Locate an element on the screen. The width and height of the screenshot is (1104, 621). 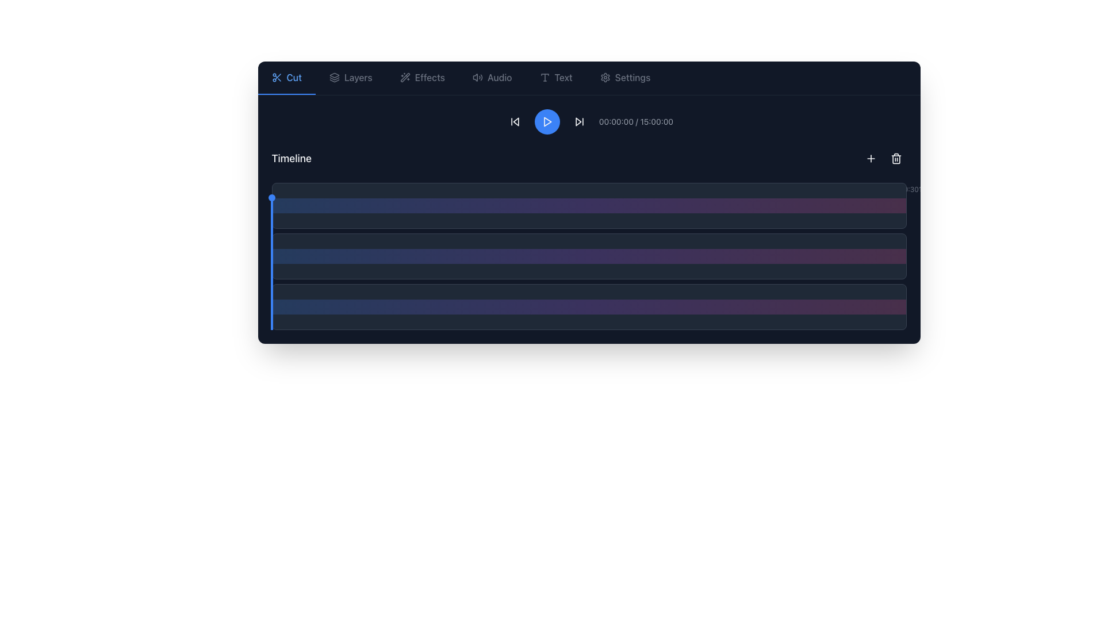
the button is located at coordinates (350, 78).